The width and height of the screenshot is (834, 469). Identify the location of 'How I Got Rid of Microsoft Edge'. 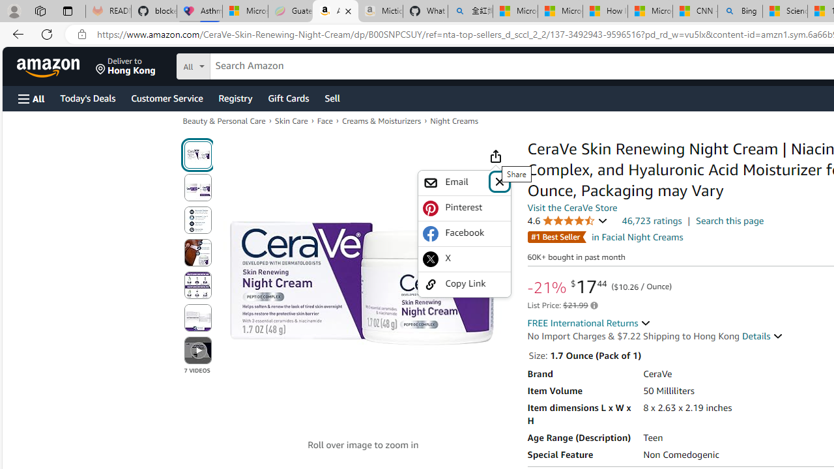
(604, 11).